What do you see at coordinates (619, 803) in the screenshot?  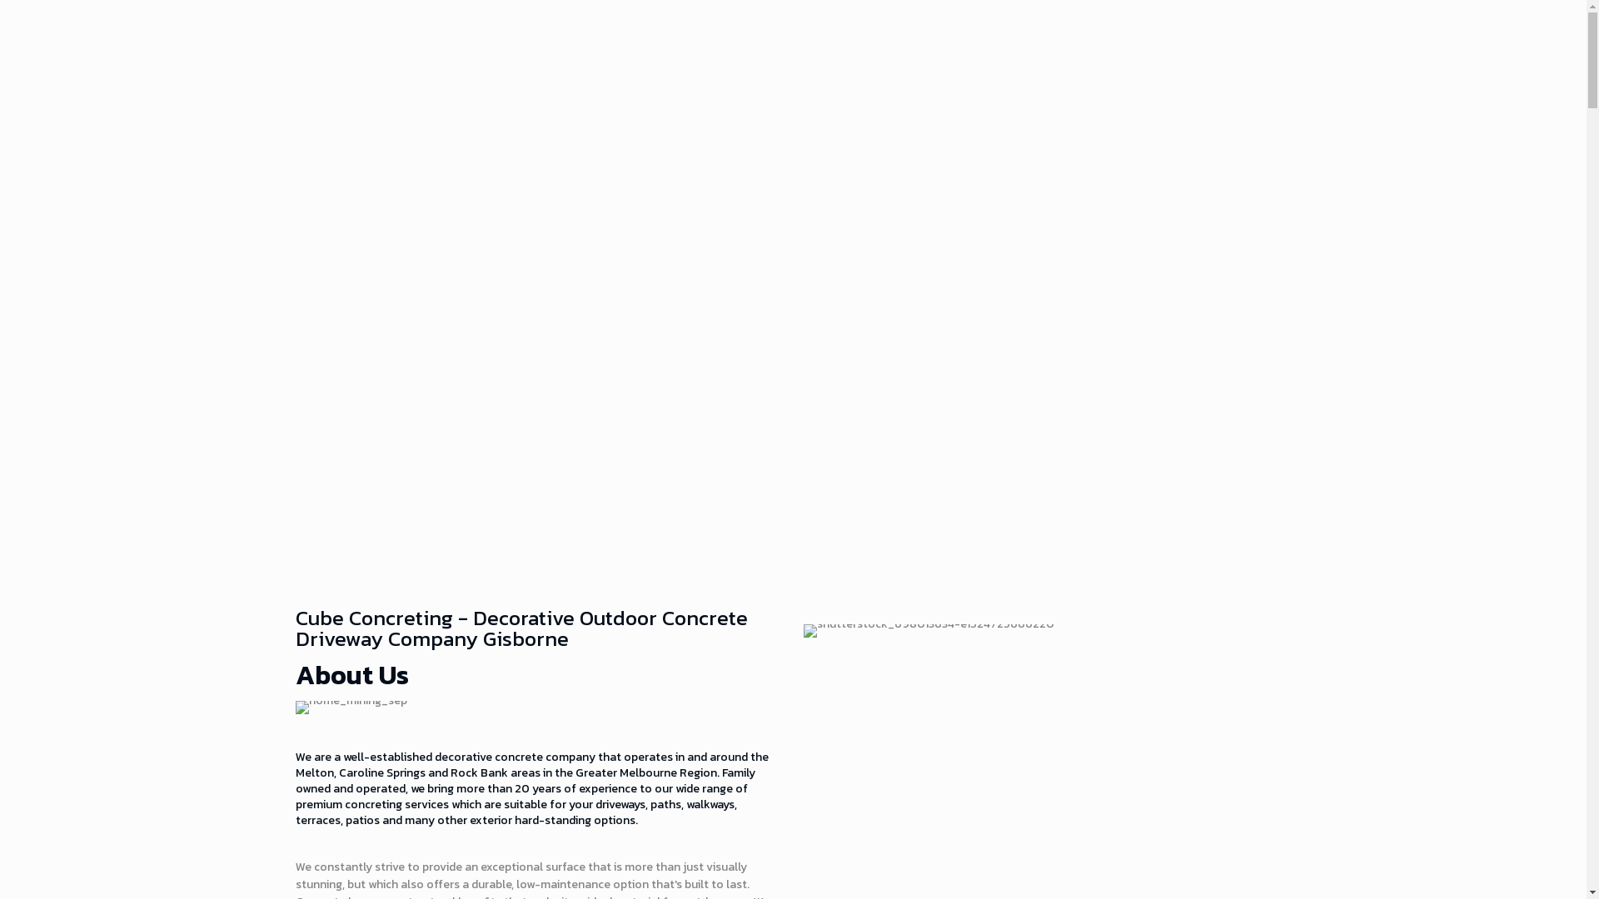 I see `'driveways'` at bounding box center [619, 803].